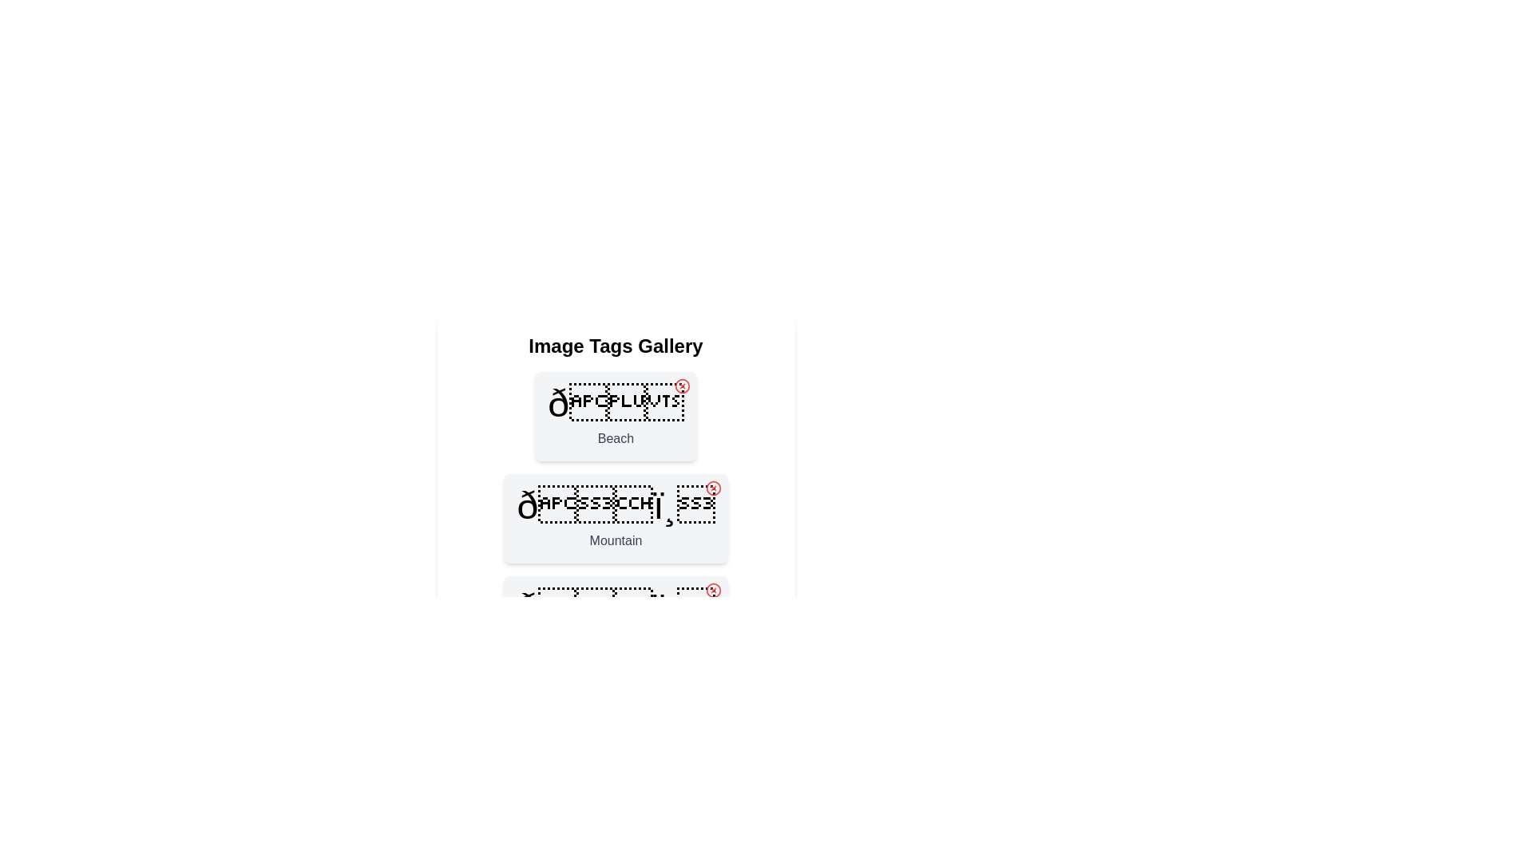 The image size is (1533, 862). Describe the element at coordinates (682, 386) in the screenshot. I see `close button for the tag labeled Beach` at that location.